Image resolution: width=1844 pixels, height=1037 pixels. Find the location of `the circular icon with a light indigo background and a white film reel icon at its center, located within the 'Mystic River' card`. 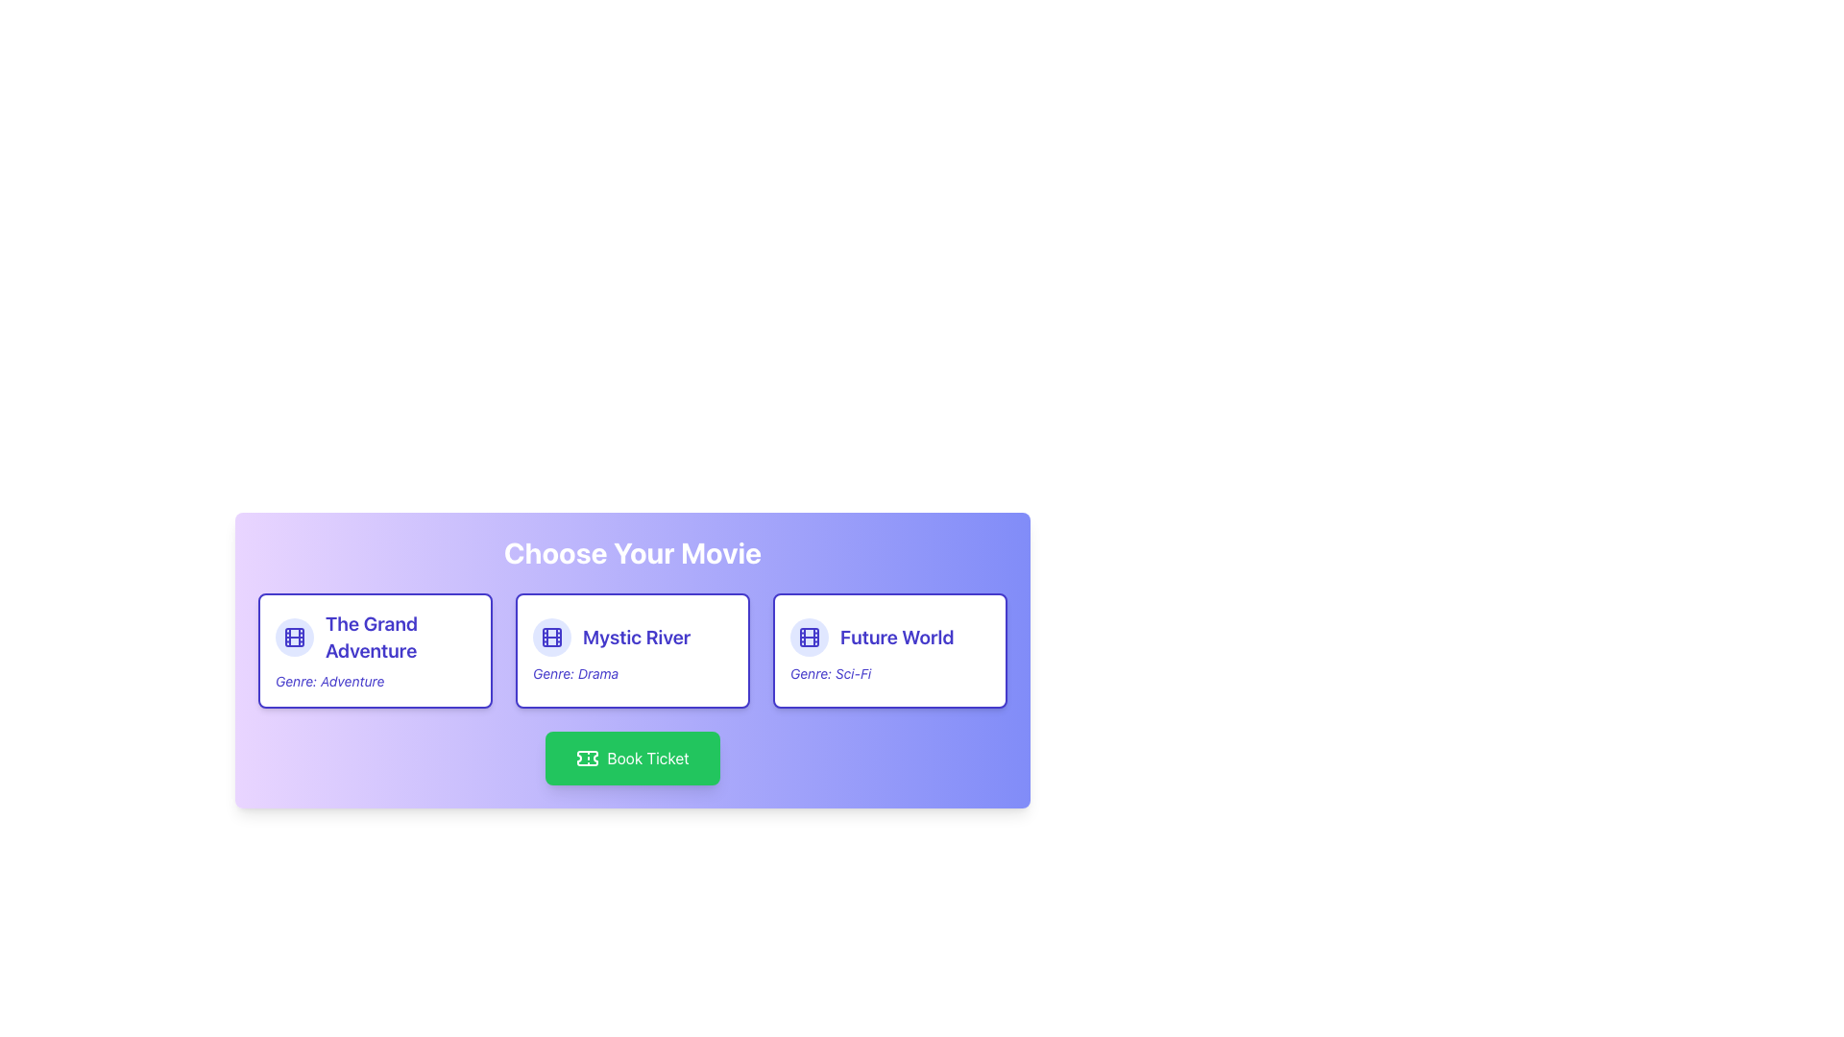

the circular icon with a light indigo background and a white film reel icon at its center, located within the 'Mystic River' card is located at coordinates (551, 637).